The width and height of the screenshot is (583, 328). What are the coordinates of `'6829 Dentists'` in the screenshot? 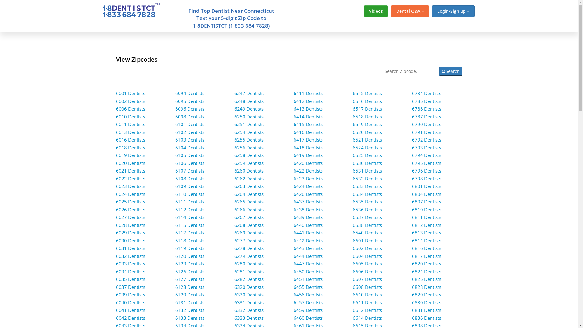 It's located at (412, 294).